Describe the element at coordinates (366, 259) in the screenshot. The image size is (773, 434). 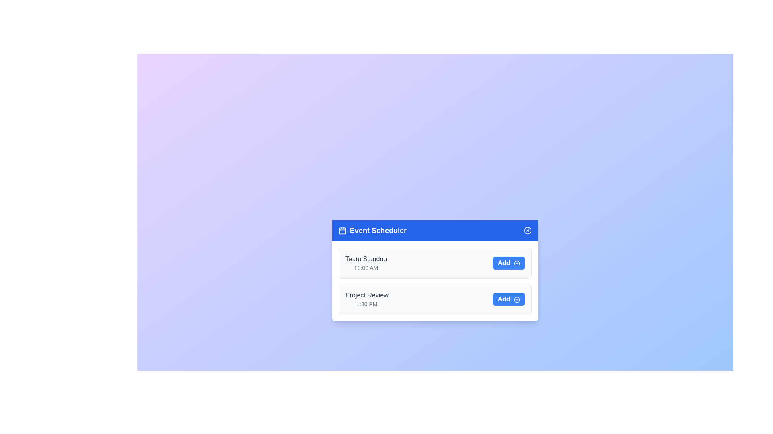
I see `the text of the event titled 'Team Standup'` at that location.